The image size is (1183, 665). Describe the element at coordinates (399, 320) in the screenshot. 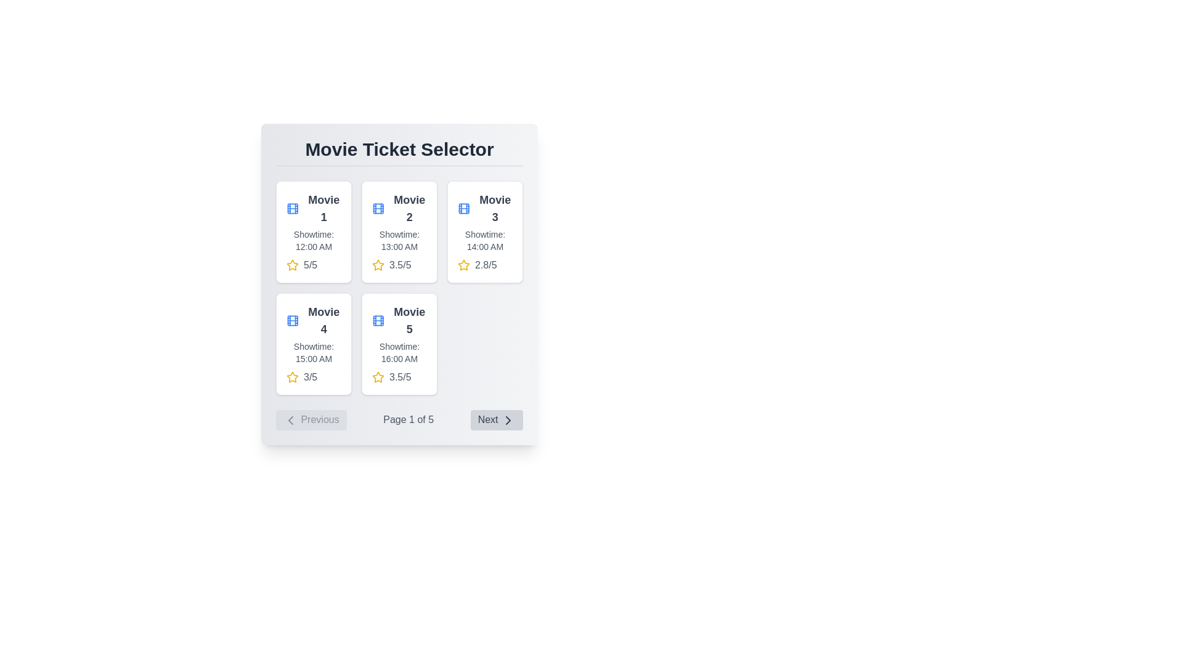

I see `text of the label 'Movie 5' which is styled in a large, bold font and located next to a film reel icon, positioned in the bottom row, second column of the grid under the heading 'Movie Ticket Selector'` at that location.